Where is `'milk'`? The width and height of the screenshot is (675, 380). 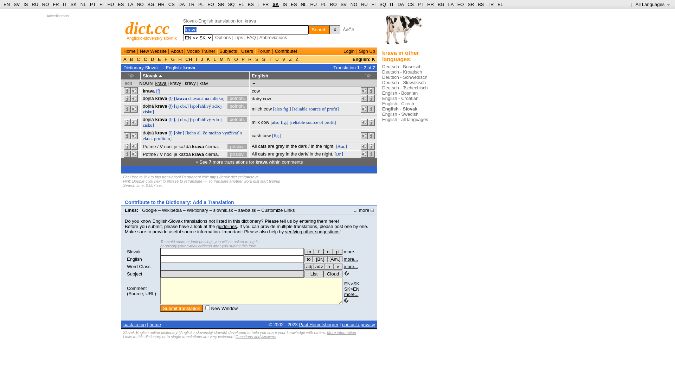
'milk' is located at coordinates (255, 122).